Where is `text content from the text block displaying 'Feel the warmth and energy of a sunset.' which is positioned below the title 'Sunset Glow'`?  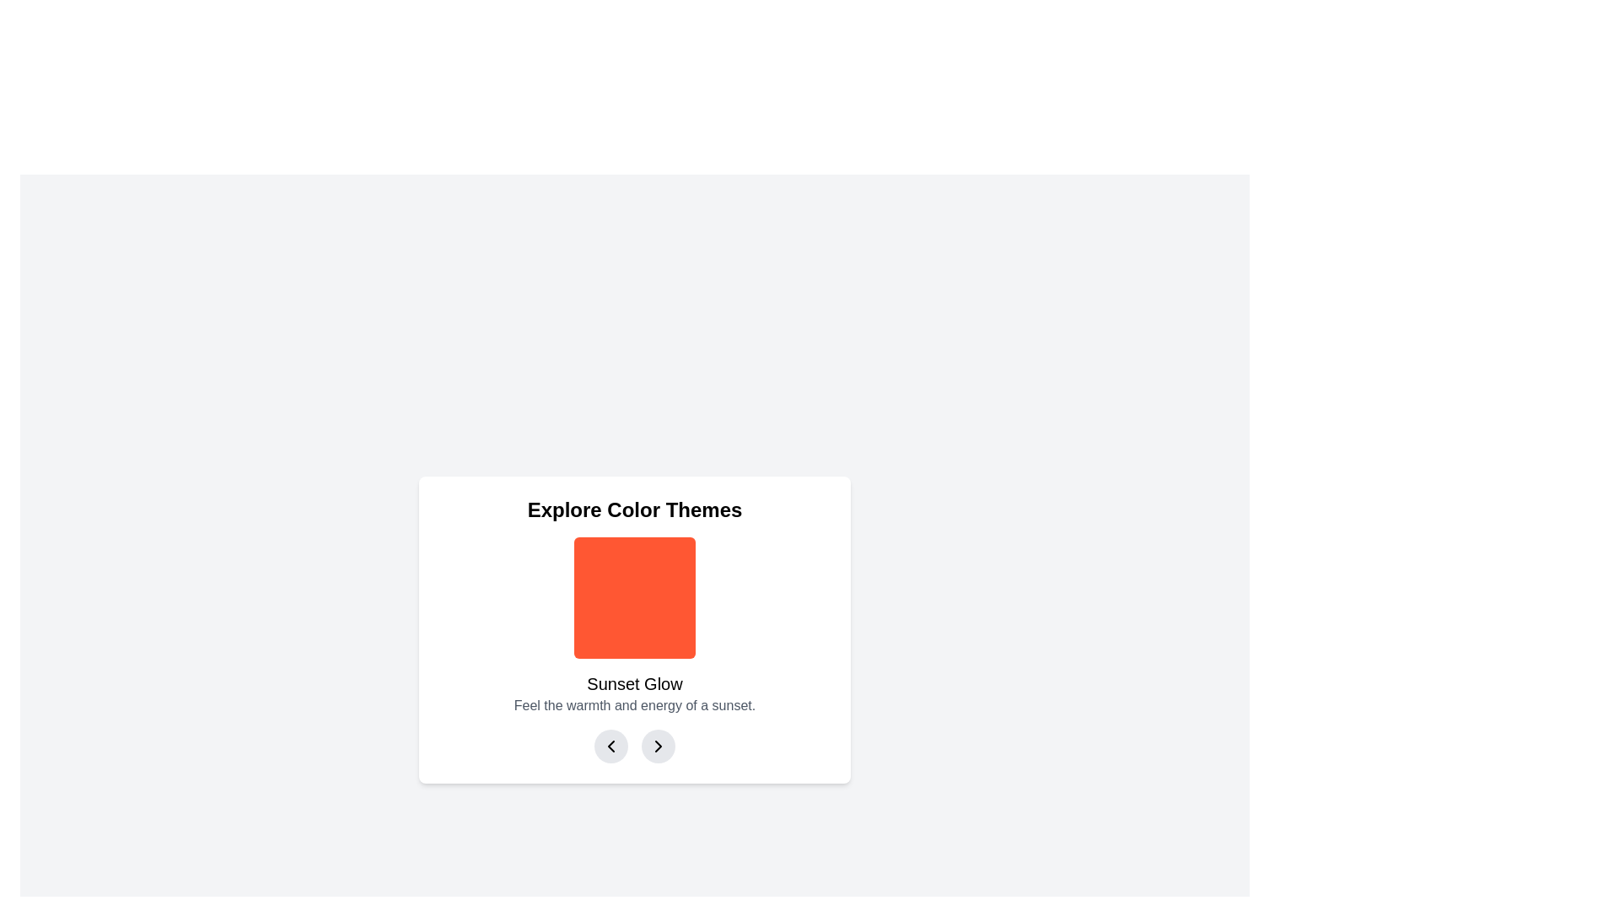 text content from the text block displaying 'Feel the warmth and energy of a sunset.' which is positioned below the title 'Sunset Glow' is located at coordinates (634, 706).